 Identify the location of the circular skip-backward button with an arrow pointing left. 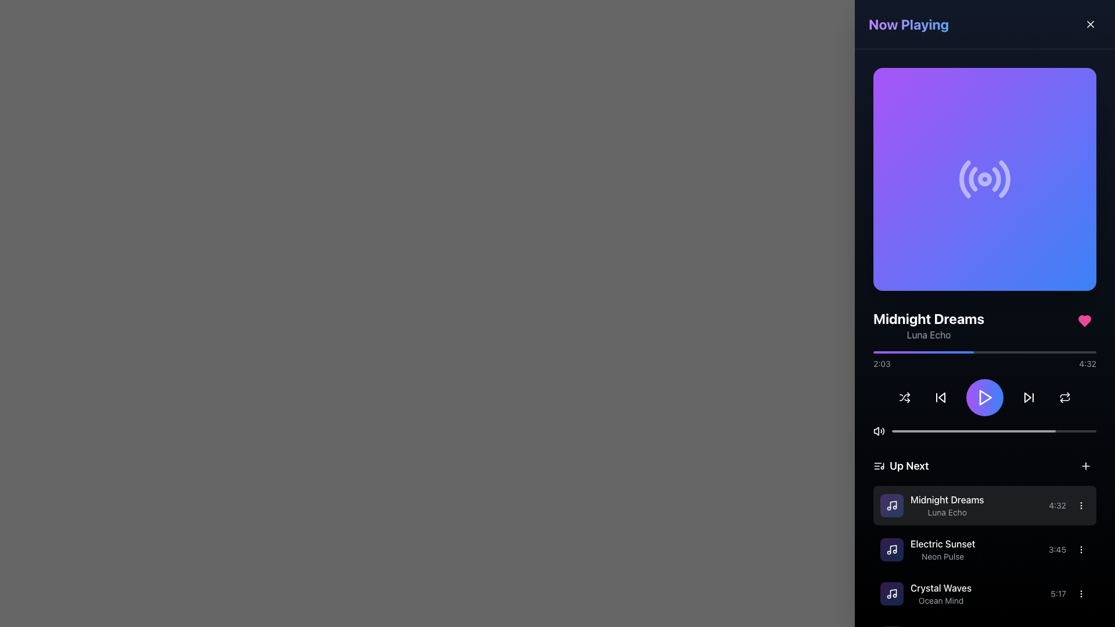
(941, 397).